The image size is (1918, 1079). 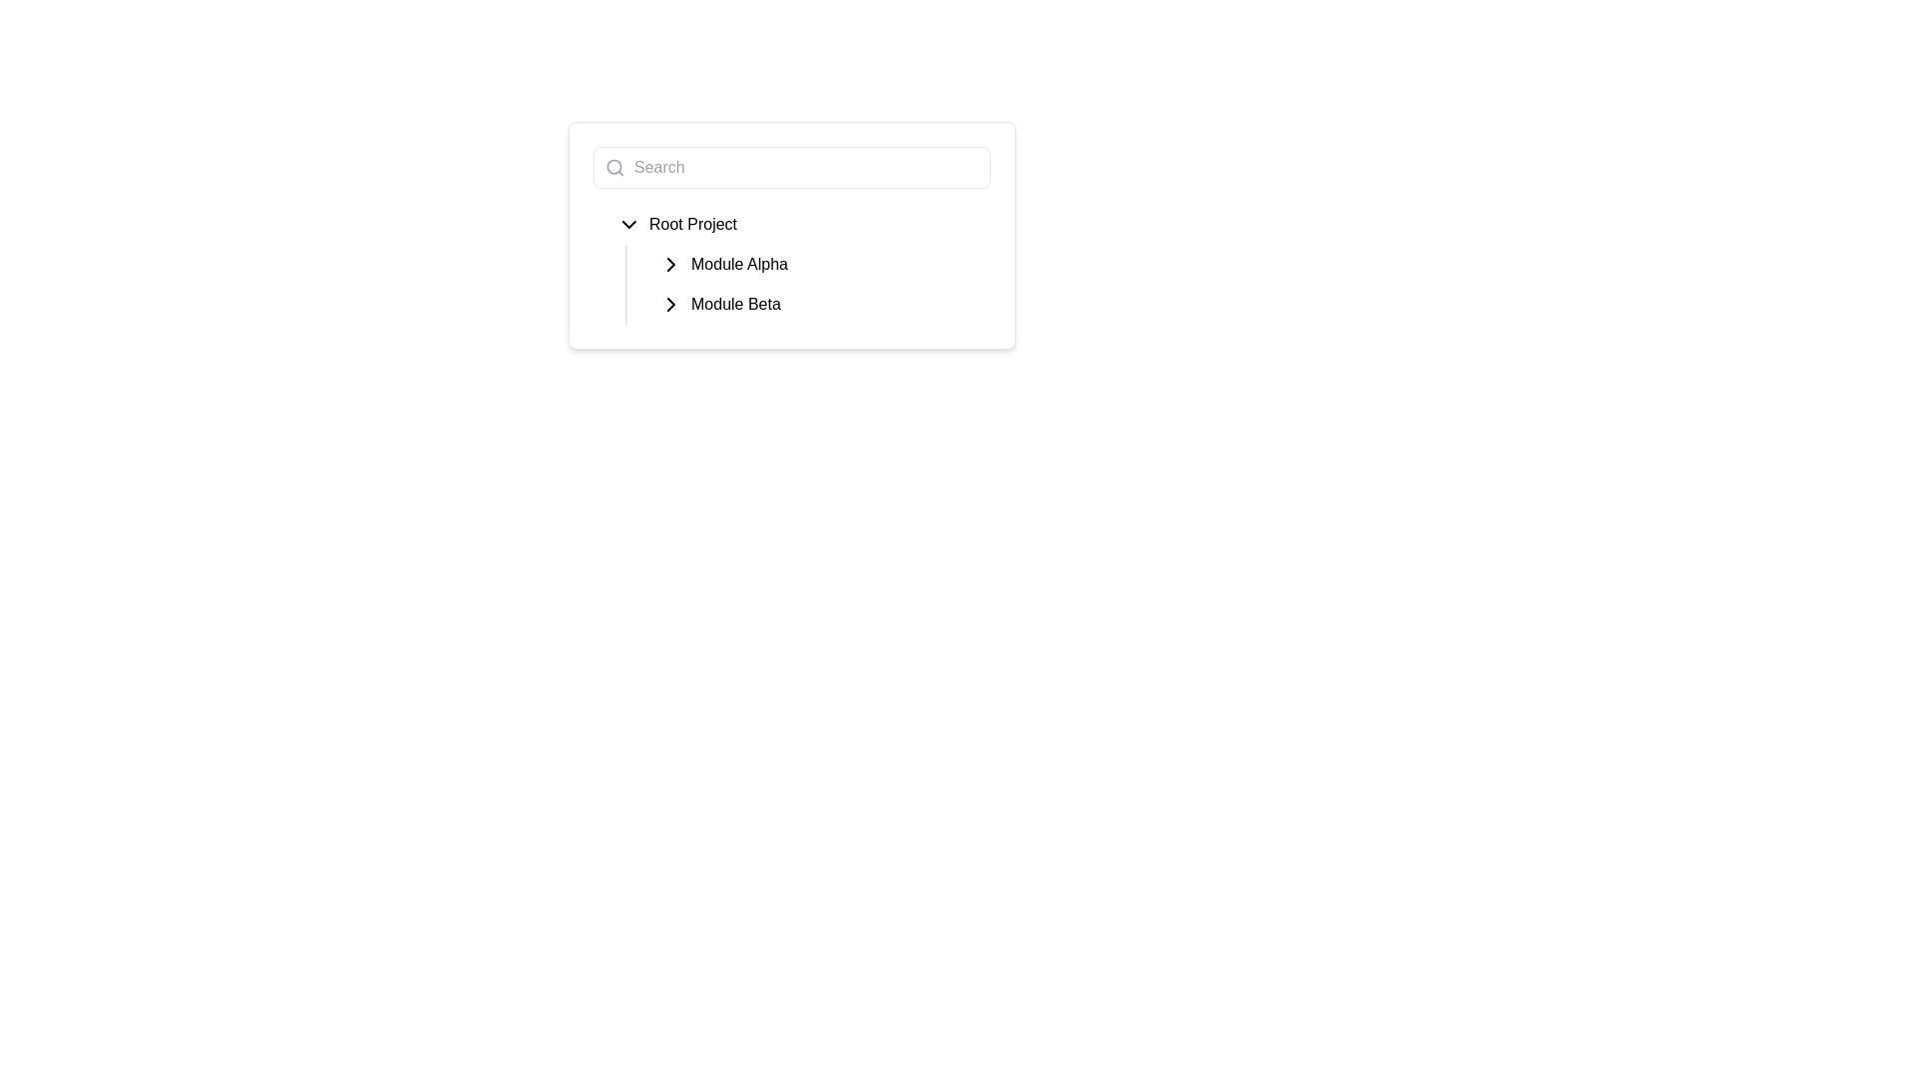 What do you see at coordinates (820, 304) in the screenshot?
I see `the Navigable List Item labeled 'Module Beta', which is the second item in the hierarchical navigation list under the 'Root Project'` at bounding box center [820, 304].